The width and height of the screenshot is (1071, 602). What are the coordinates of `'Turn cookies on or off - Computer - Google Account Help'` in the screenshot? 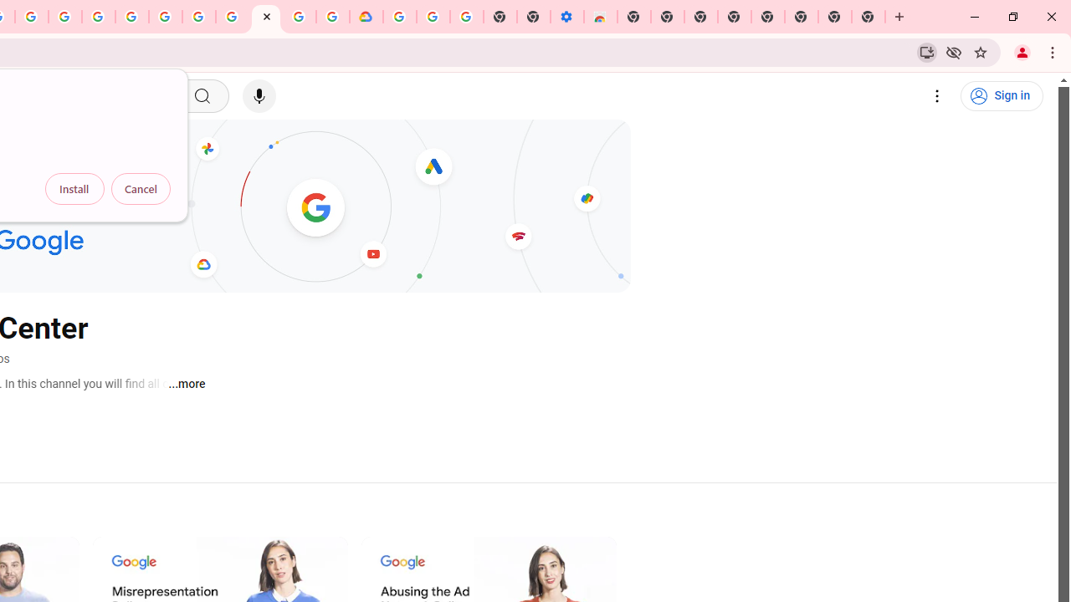 It's located at (467, 17).